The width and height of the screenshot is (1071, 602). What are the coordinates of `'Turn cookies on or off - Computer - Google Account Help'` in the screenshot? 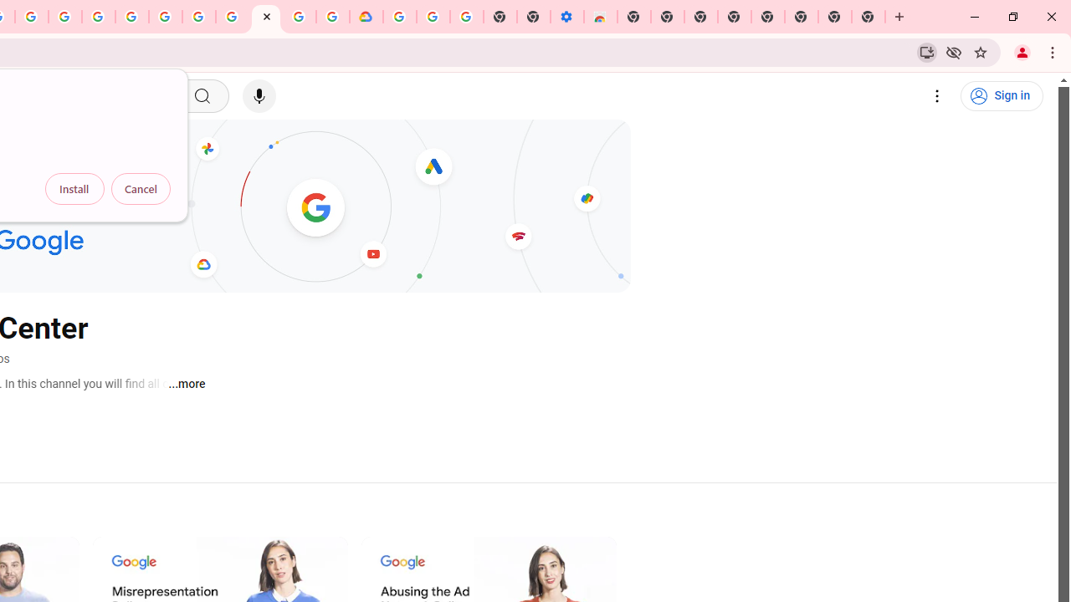 It's located at (467, 17).